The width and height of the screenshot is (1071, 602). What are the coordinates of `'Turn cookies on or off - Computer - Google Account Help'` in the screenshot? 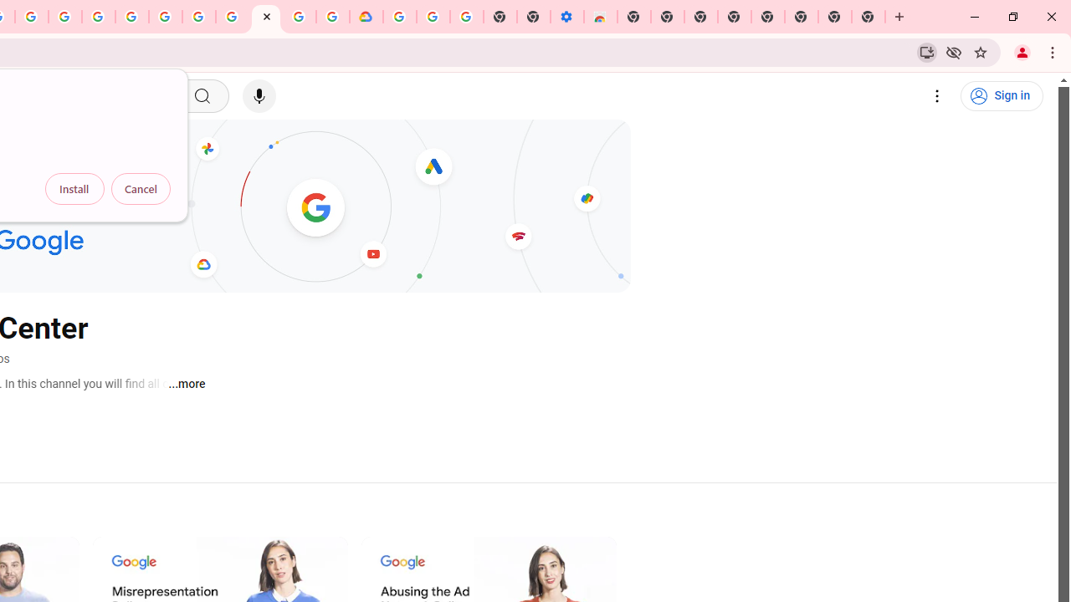 It's located at (467, 17).